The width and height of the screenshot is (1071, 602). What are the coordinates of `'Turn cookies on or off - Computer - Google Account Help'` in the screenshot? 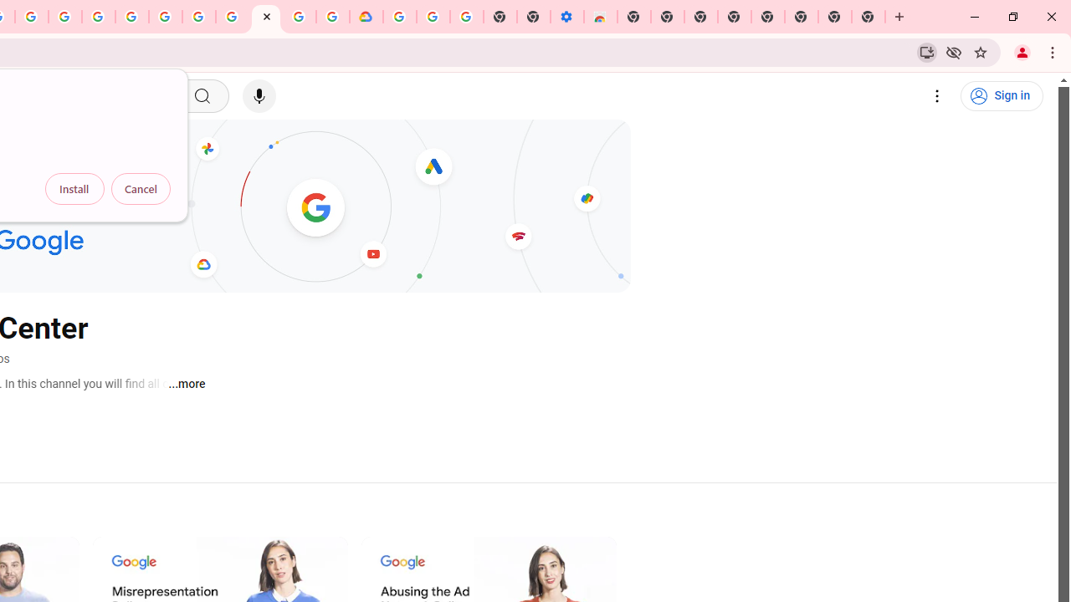 It's located at (467, 17).